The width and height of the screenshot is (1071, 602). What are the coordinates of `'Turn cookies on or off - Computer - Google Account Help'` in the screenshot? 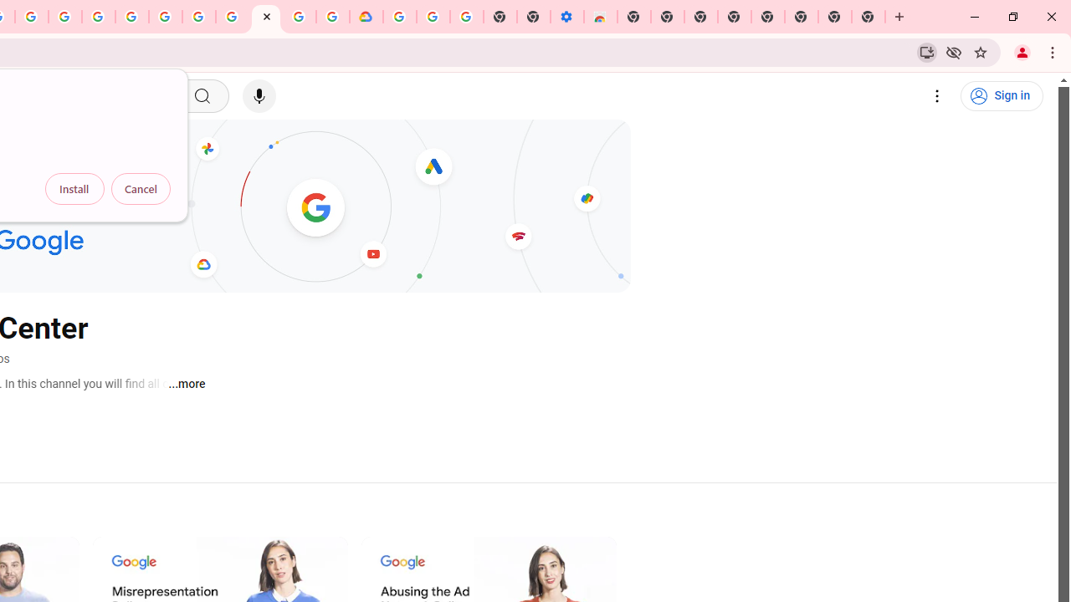 It's located at (467, 17).